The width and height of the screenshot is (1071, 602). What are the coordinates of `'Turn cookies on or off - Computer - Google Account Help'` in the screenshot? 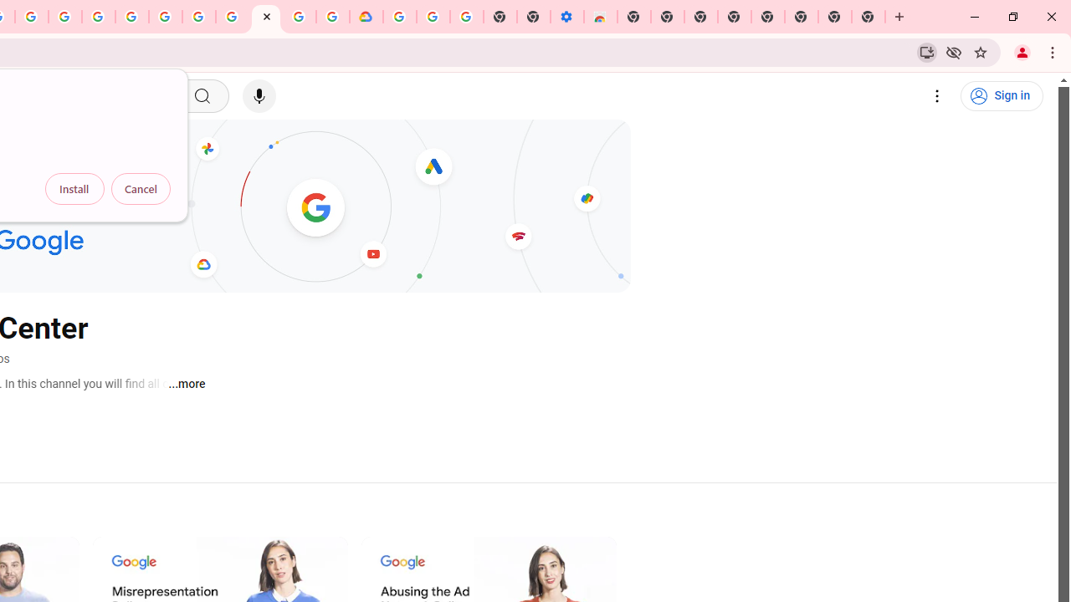 It's located at (467, 17).